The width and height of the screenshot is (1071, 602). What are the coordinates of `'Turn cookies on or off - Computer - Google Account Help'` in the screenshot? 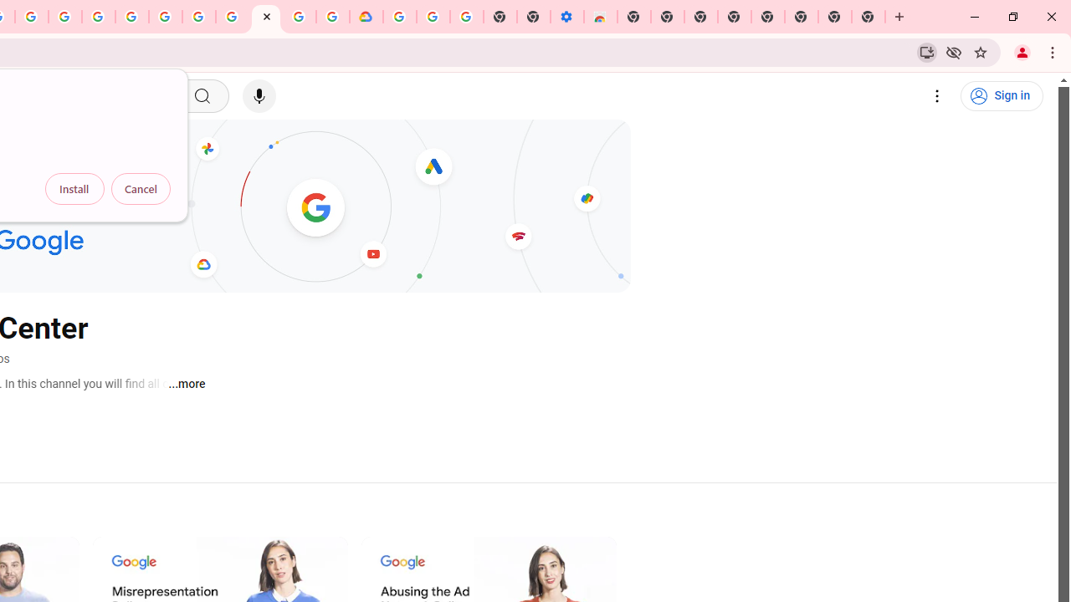 It's located at (467, 17).